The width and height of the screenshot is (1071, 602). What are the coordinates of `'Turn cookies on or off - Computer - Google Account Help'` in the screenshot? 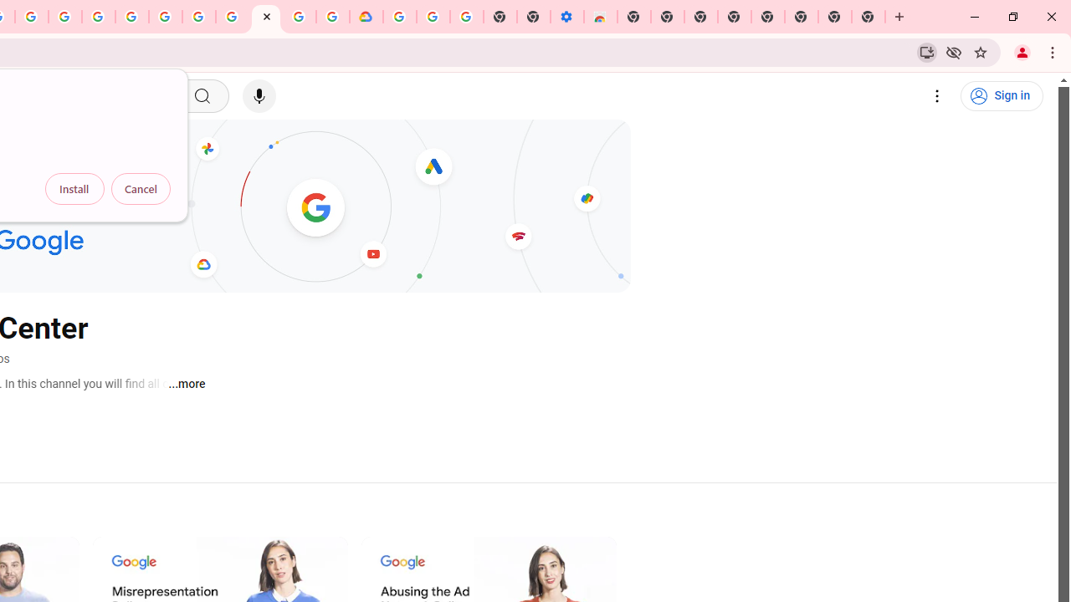 It's located at (467, 17).